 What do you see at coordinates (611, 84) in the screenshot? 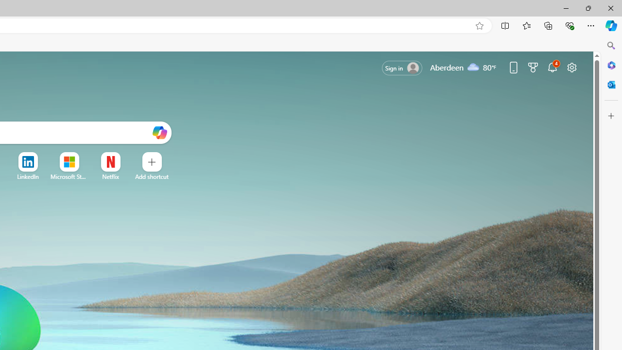
I see `'Outlook'` at bounding box center [611, 84].